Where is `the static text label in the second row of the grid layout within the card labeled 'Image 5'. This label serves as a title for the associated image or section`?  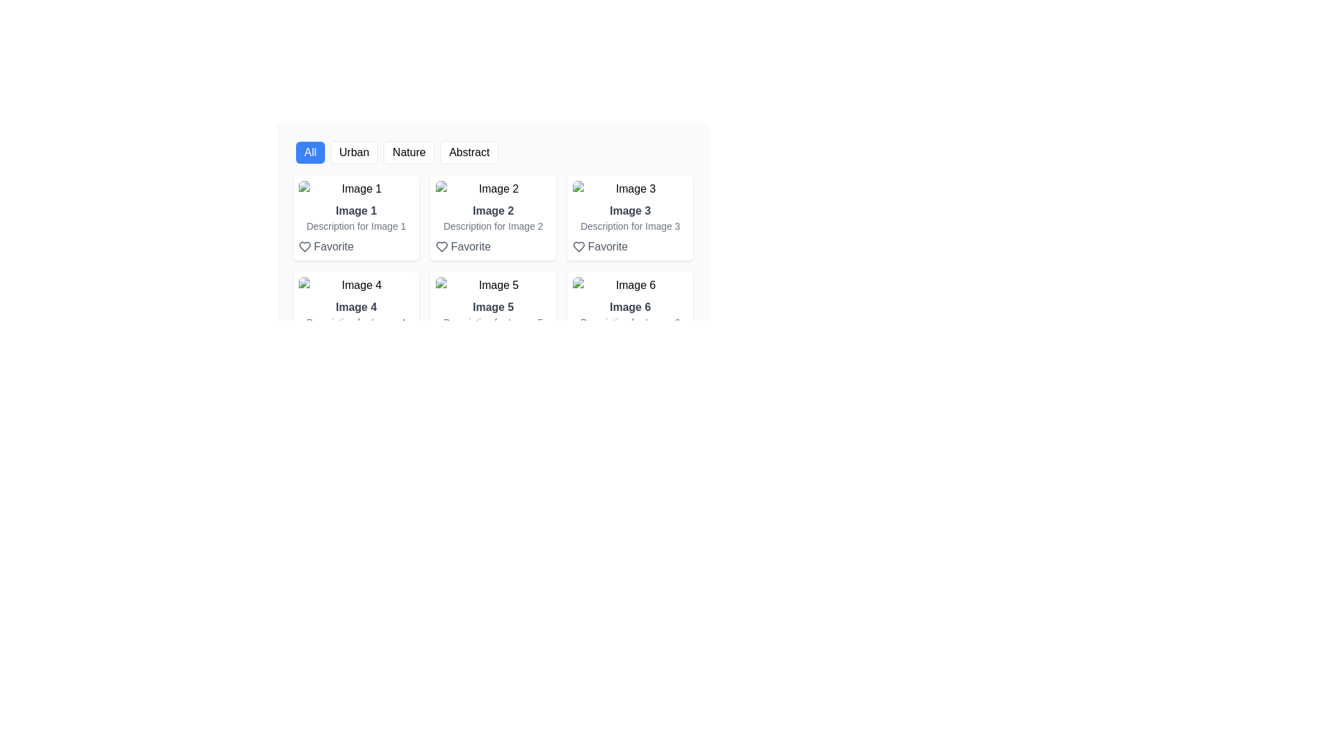 the static text label in the second row of the grid layout within the card labeled 'Image 5'. This label serves as a title for the associated image or section is located at coordinates (493, 307).